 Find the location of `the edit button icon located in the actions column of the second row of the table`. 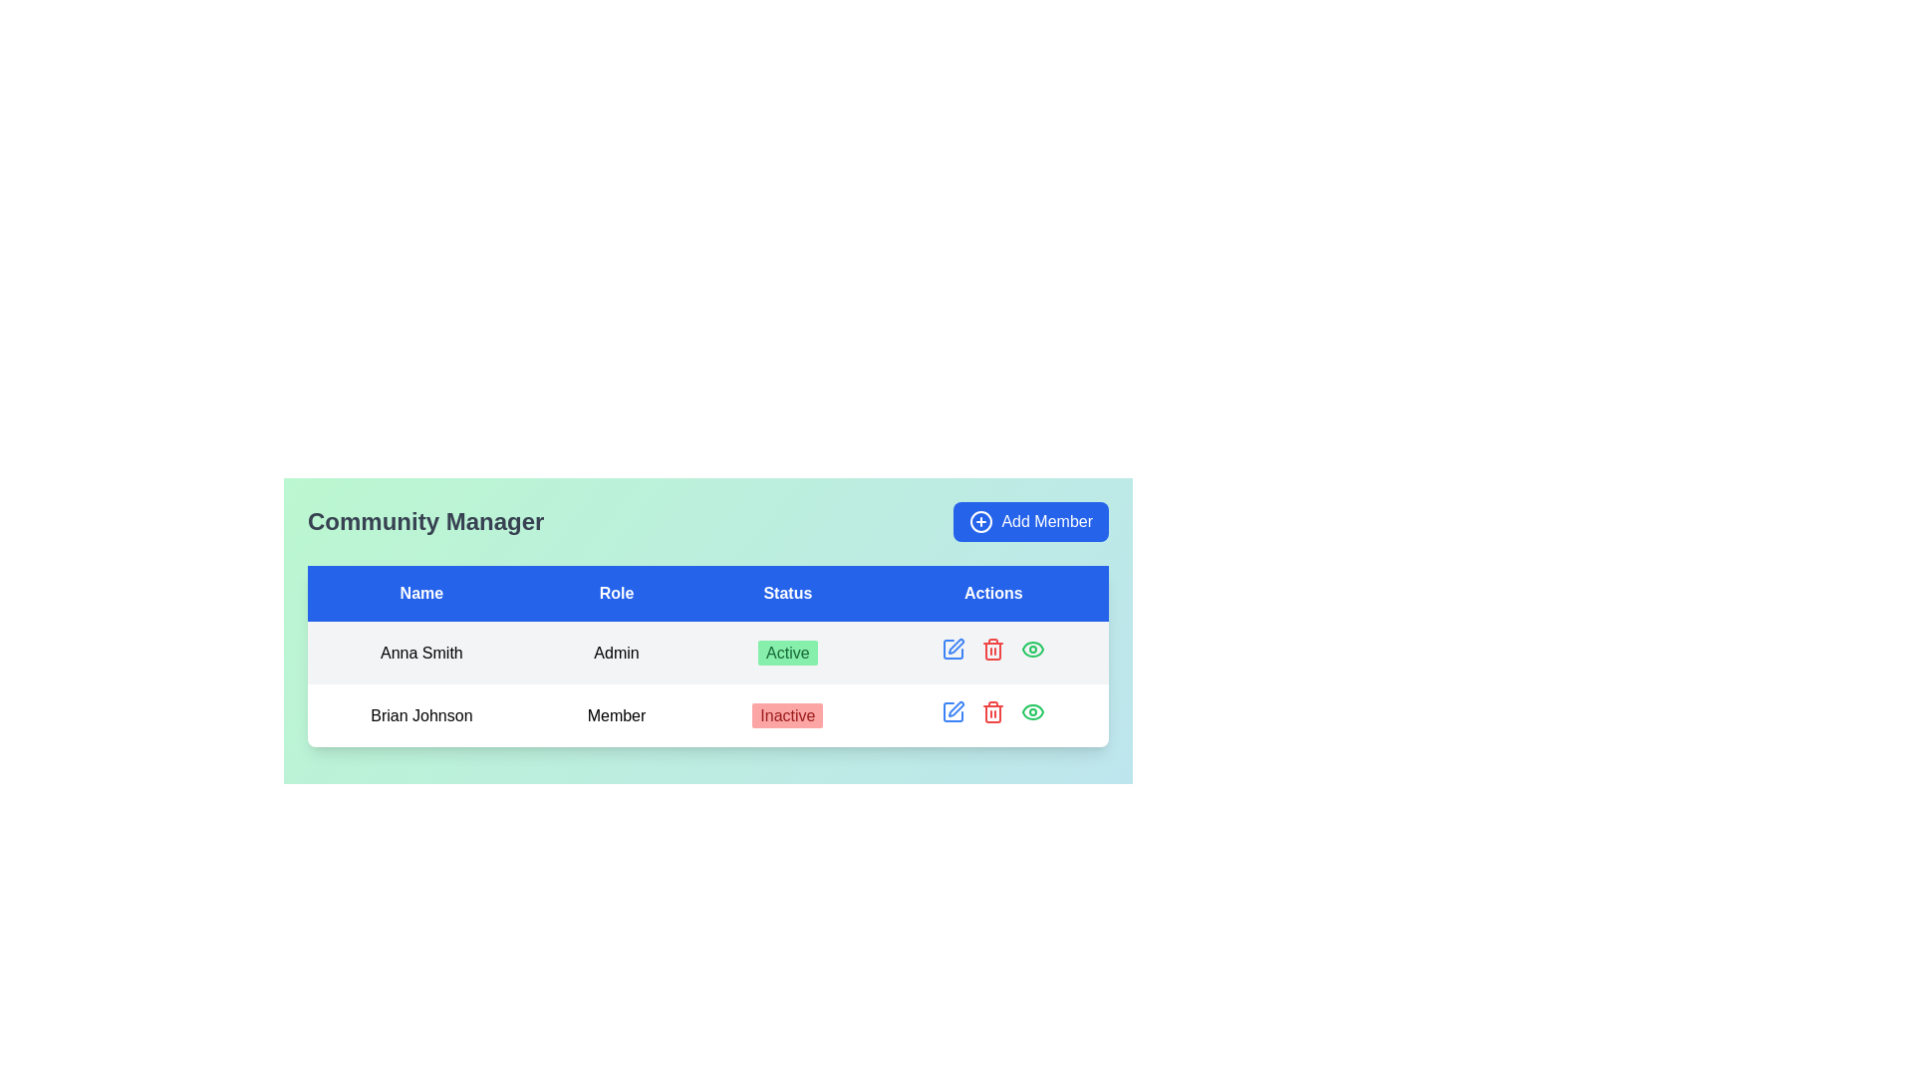

the edit button icon located in the actions column of the second row of the table is located at coordinates (953, 710).